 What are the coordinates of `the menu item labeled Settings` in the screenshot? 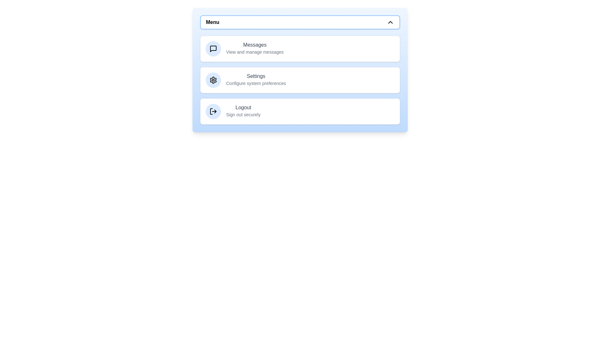 It's located at (299, 80).